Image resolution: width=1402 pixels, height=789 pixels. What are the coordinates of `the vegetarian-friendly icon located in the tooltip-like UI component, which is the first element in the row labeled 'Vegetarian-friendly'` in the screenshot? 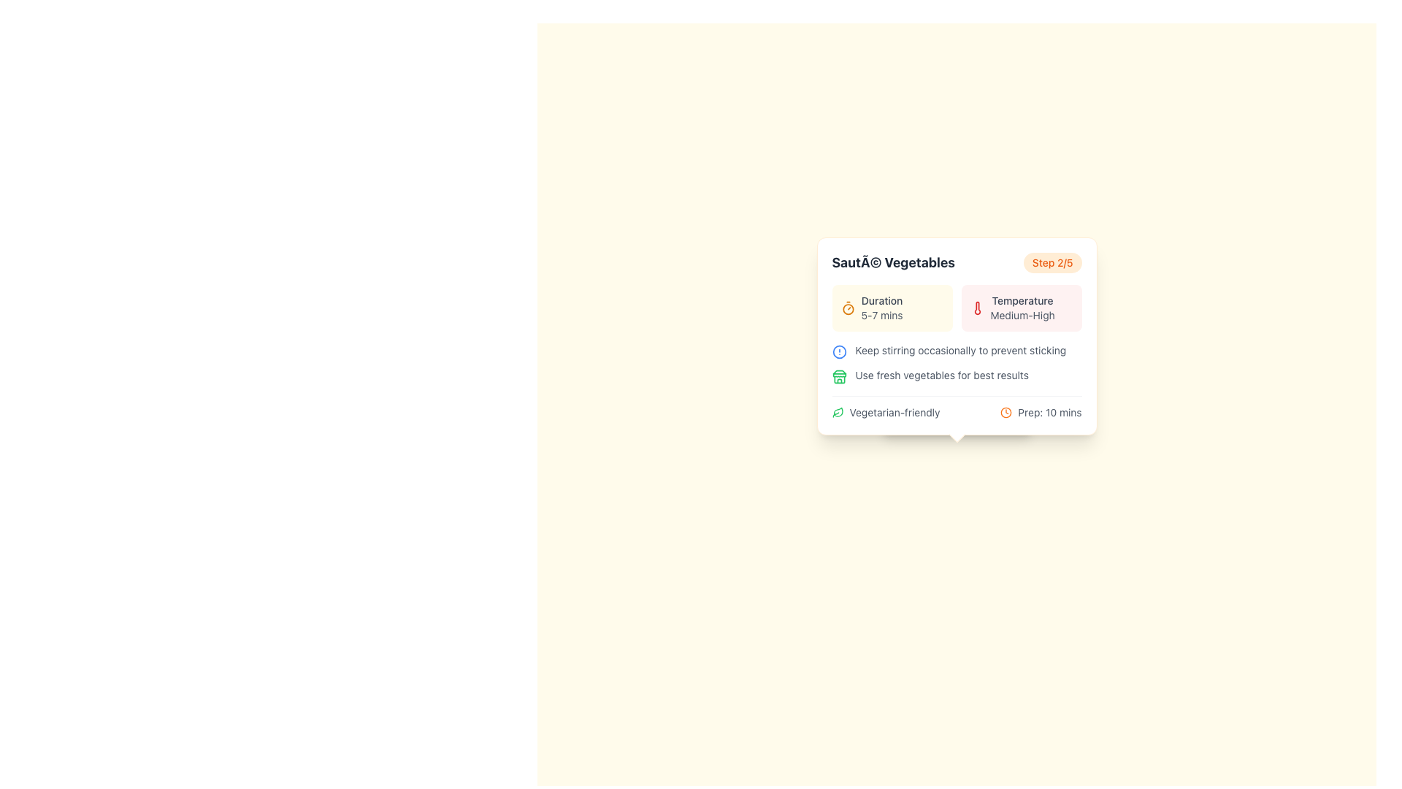 It's located at (838, 412).